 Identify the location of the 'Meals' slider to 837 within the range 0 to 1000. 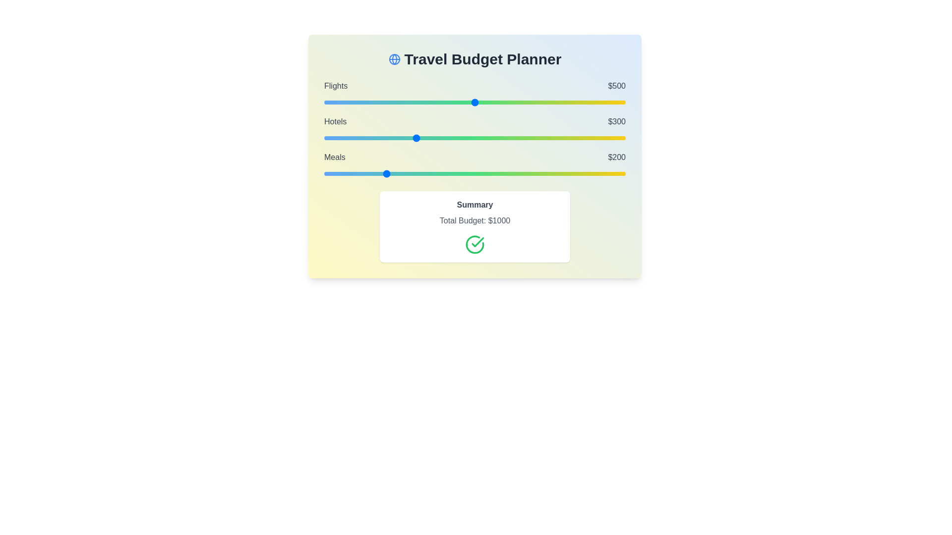
(576, 173).